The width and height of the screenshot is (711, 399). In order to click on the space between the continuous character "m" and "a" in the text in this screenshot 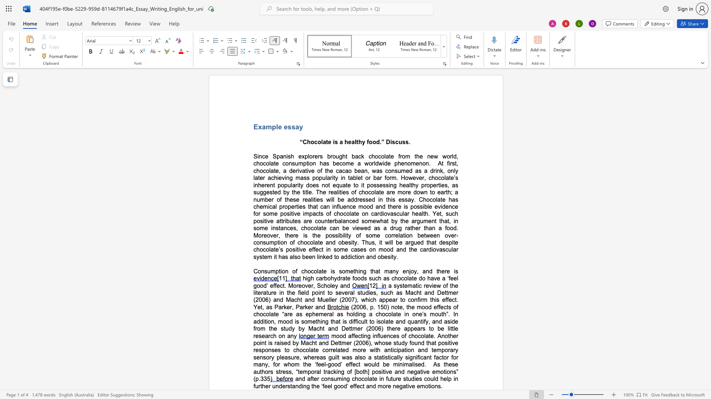, I will do `click(411, 285)`.